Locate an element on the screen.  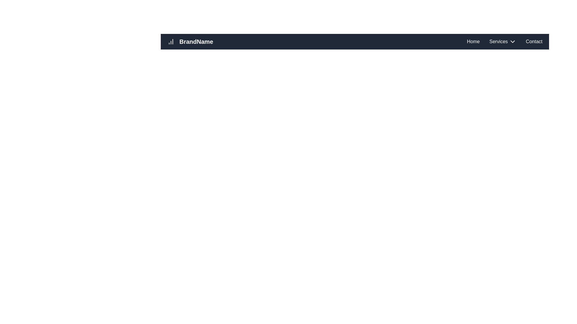
the 'Home' button on the top-right navigation bar is located at coordinates (473, 41).